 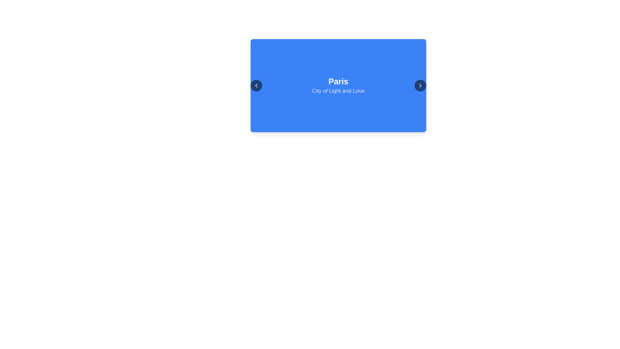 I want to click on the circular button with a dark background and a white chevron arrow pointing to the right, so click(x=420, y=85).